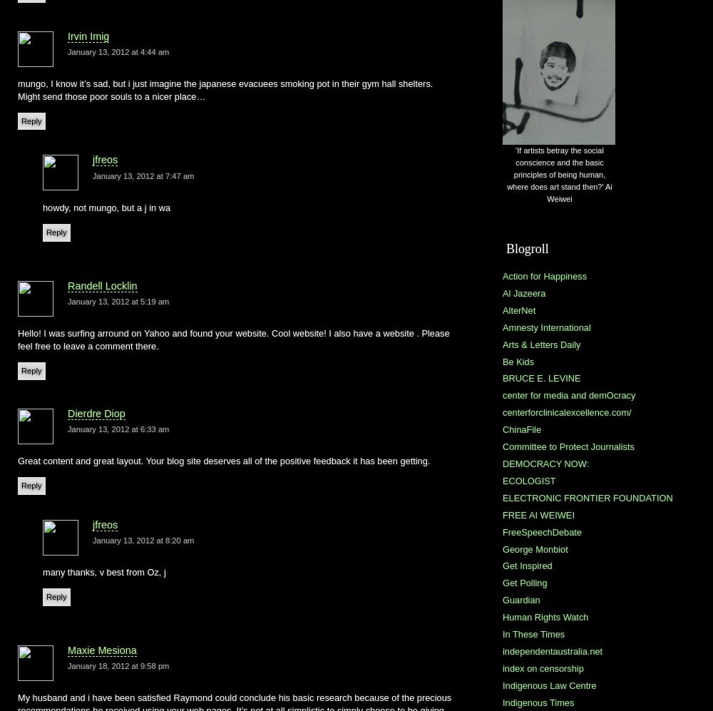 The image size is (713, 711). What do you see at coordinates (143, 174) in the screenshot?
I see `'January 13, 2012 at 7:47 am'` at bounding box center [143, 174].